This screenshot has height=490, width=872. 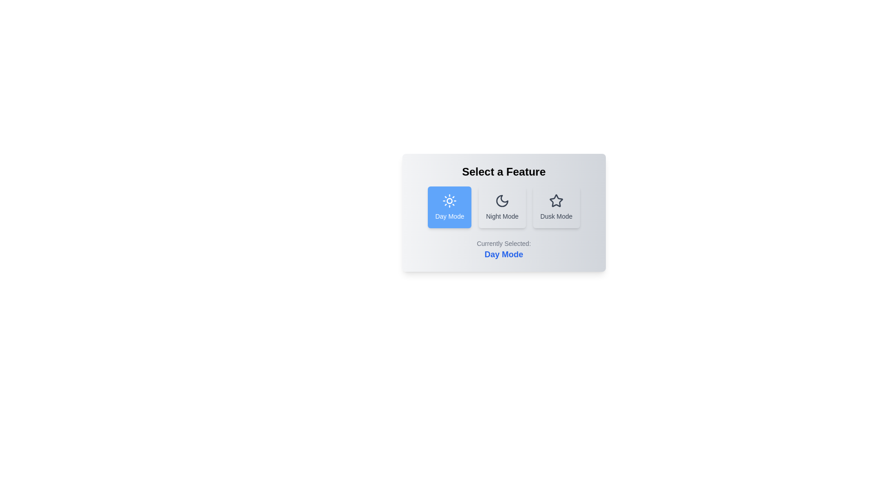 I want to click on the feature corresponding to Day Mode mode, so click(x=450, y=207).